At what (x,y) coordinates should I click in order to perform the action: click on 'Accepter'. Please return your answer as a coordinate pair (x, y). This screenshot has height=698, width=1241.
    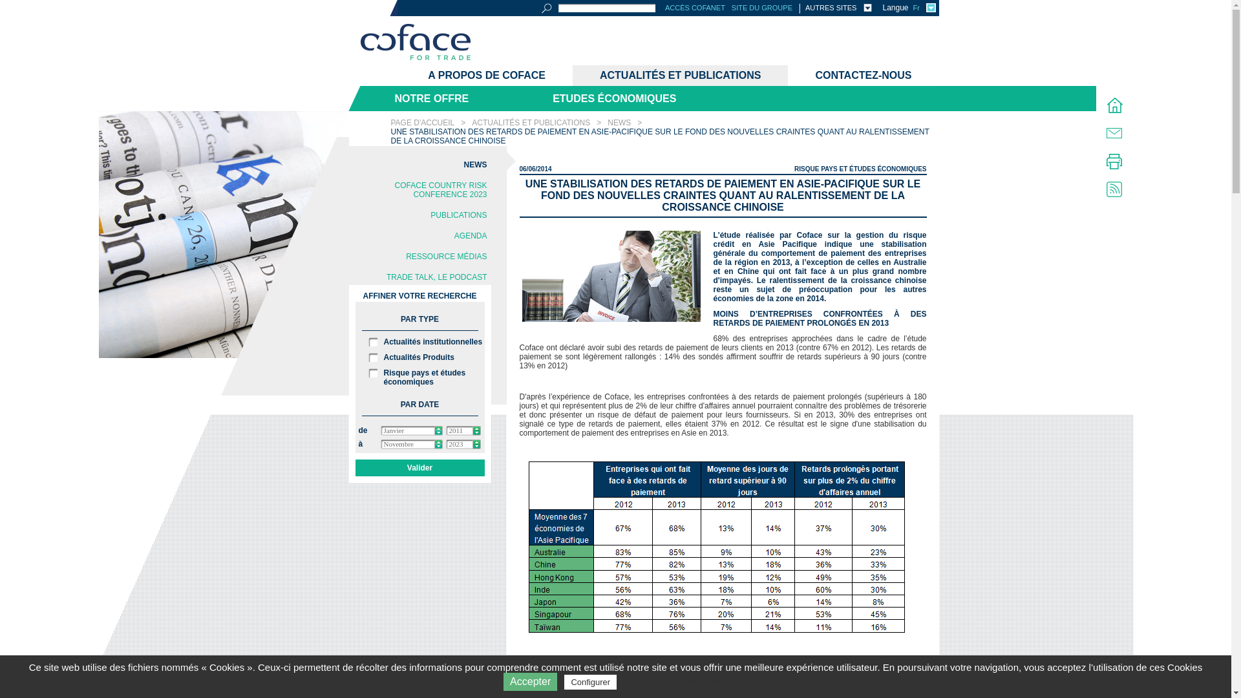
    Looking at the image, I should click on (530, 681).